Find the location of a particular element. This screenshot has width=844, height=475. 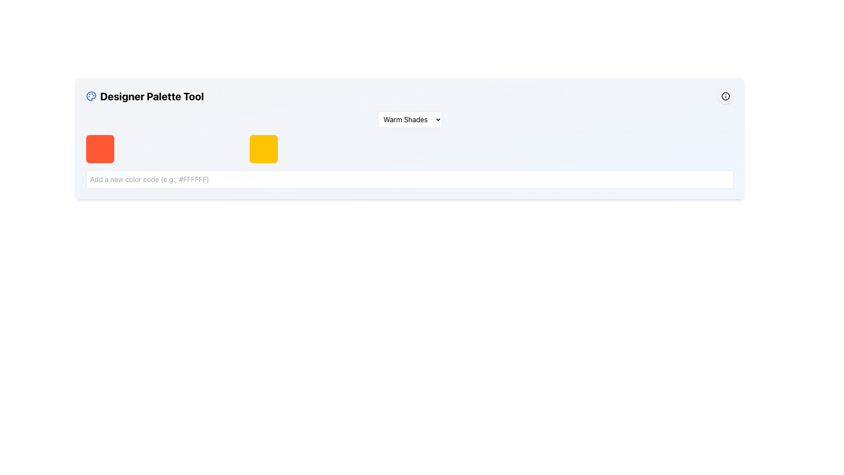

an option from the 'Warm Shades' dropdown menu located in the top-central region of the interface is located at coordinates (409, 120).